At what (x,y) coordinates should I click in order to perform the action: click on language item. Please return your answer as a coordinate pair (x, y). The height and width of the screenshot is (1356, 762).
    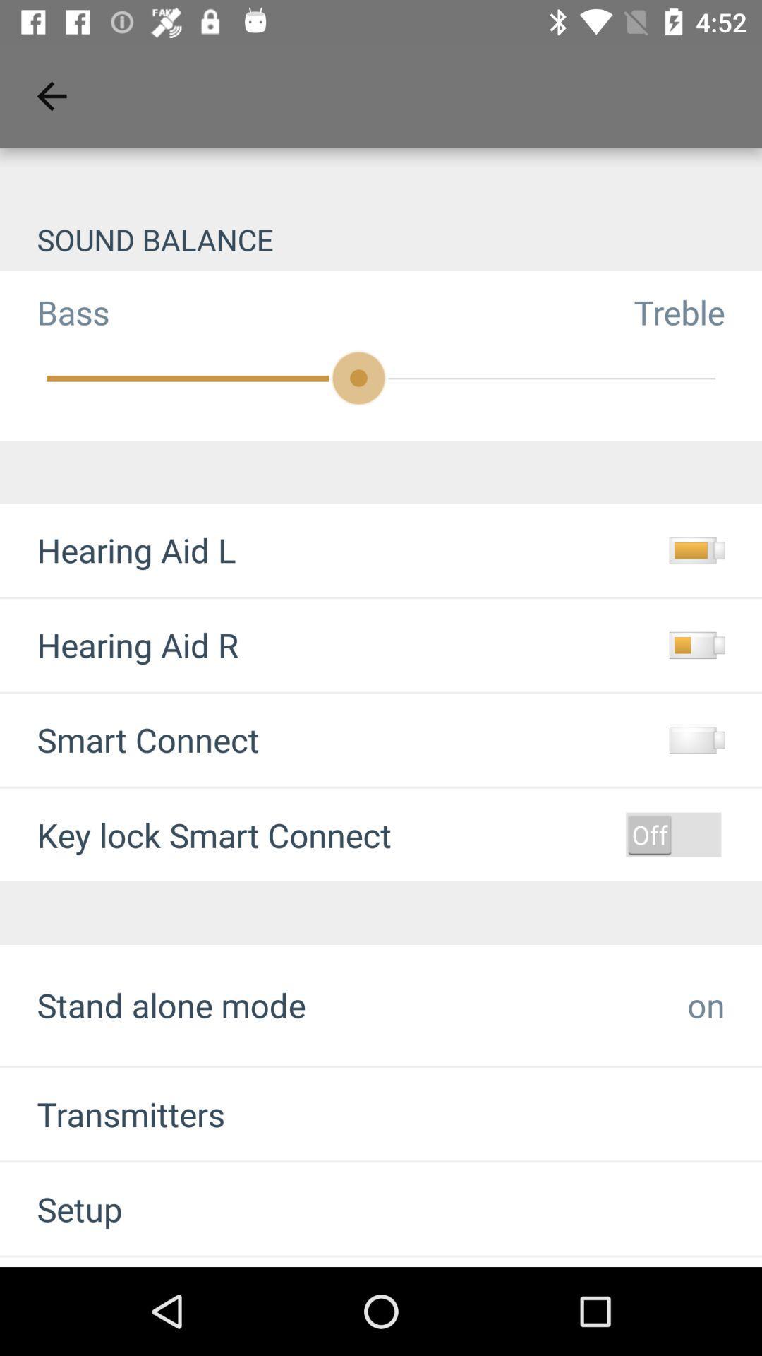
    Looking at the image, I should click on (91, 1262).